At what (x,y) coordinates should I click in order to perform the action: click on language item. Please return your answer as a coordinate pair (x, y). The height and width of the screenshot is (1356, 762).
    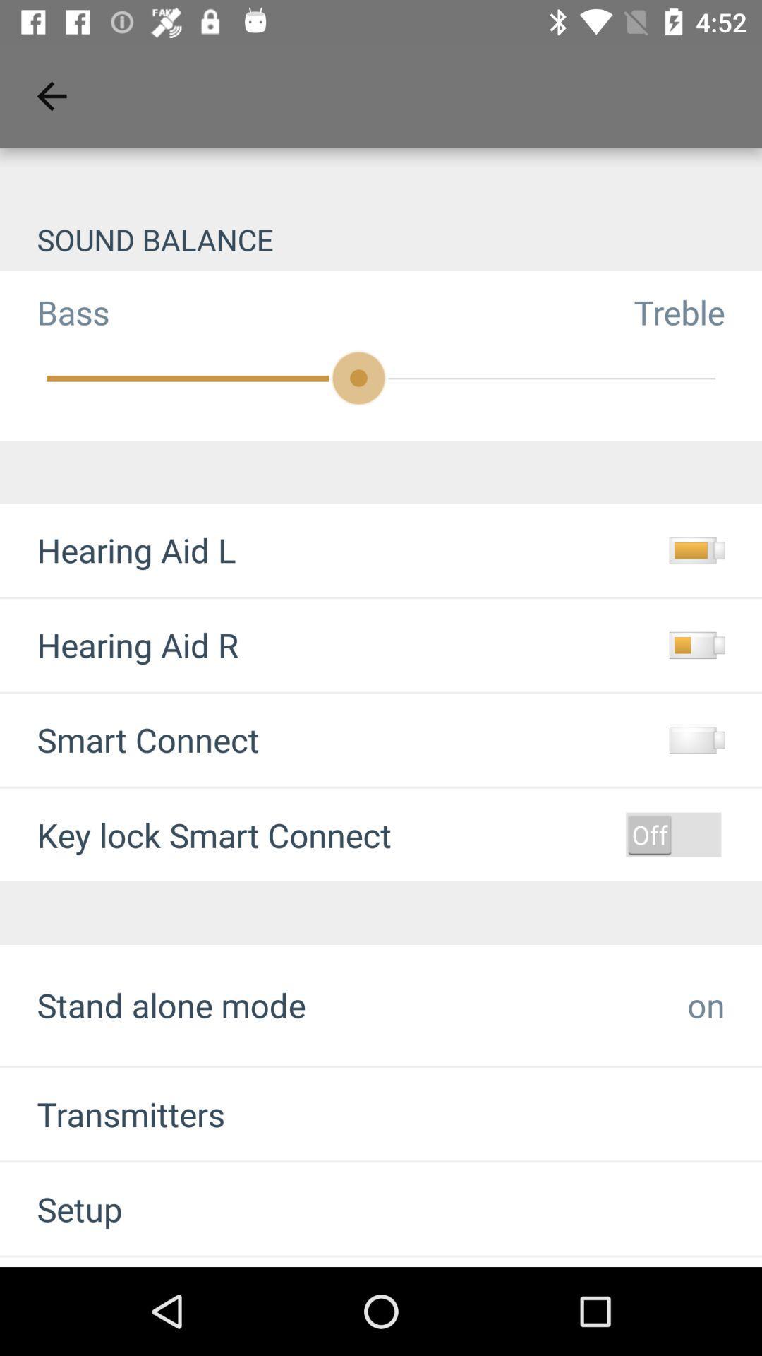
    Looking at the image, I should click on (91, 1262).